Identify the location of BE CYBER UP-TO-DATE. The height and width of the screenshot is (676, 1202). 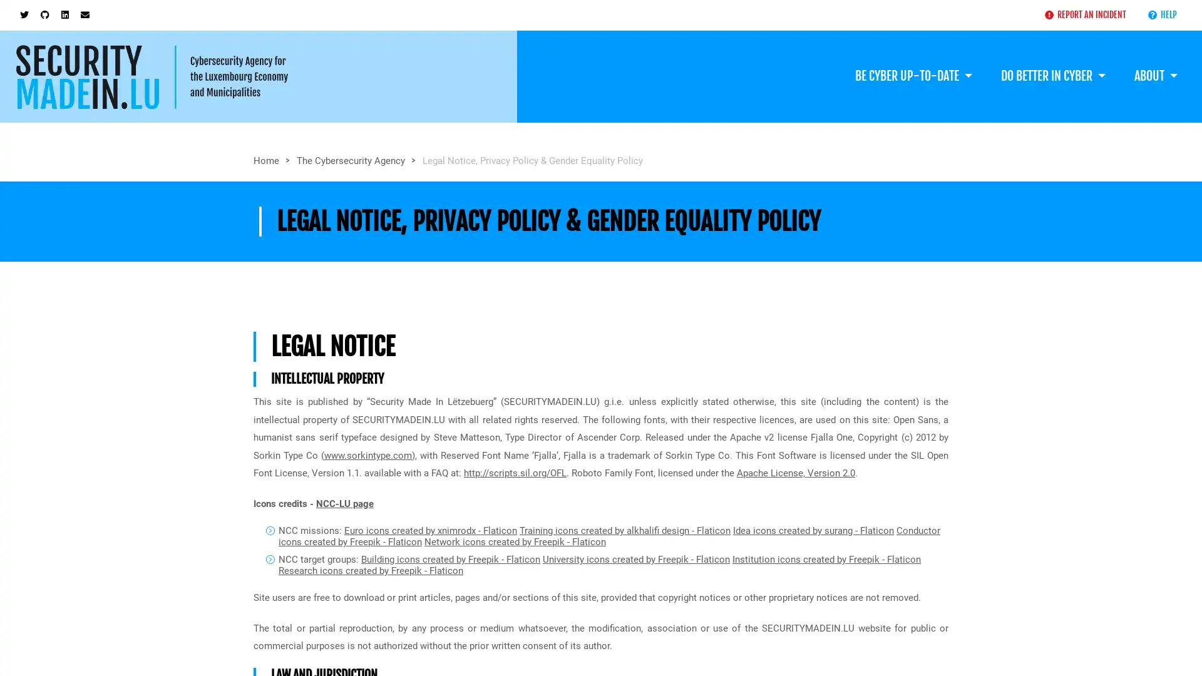
(913, 68).